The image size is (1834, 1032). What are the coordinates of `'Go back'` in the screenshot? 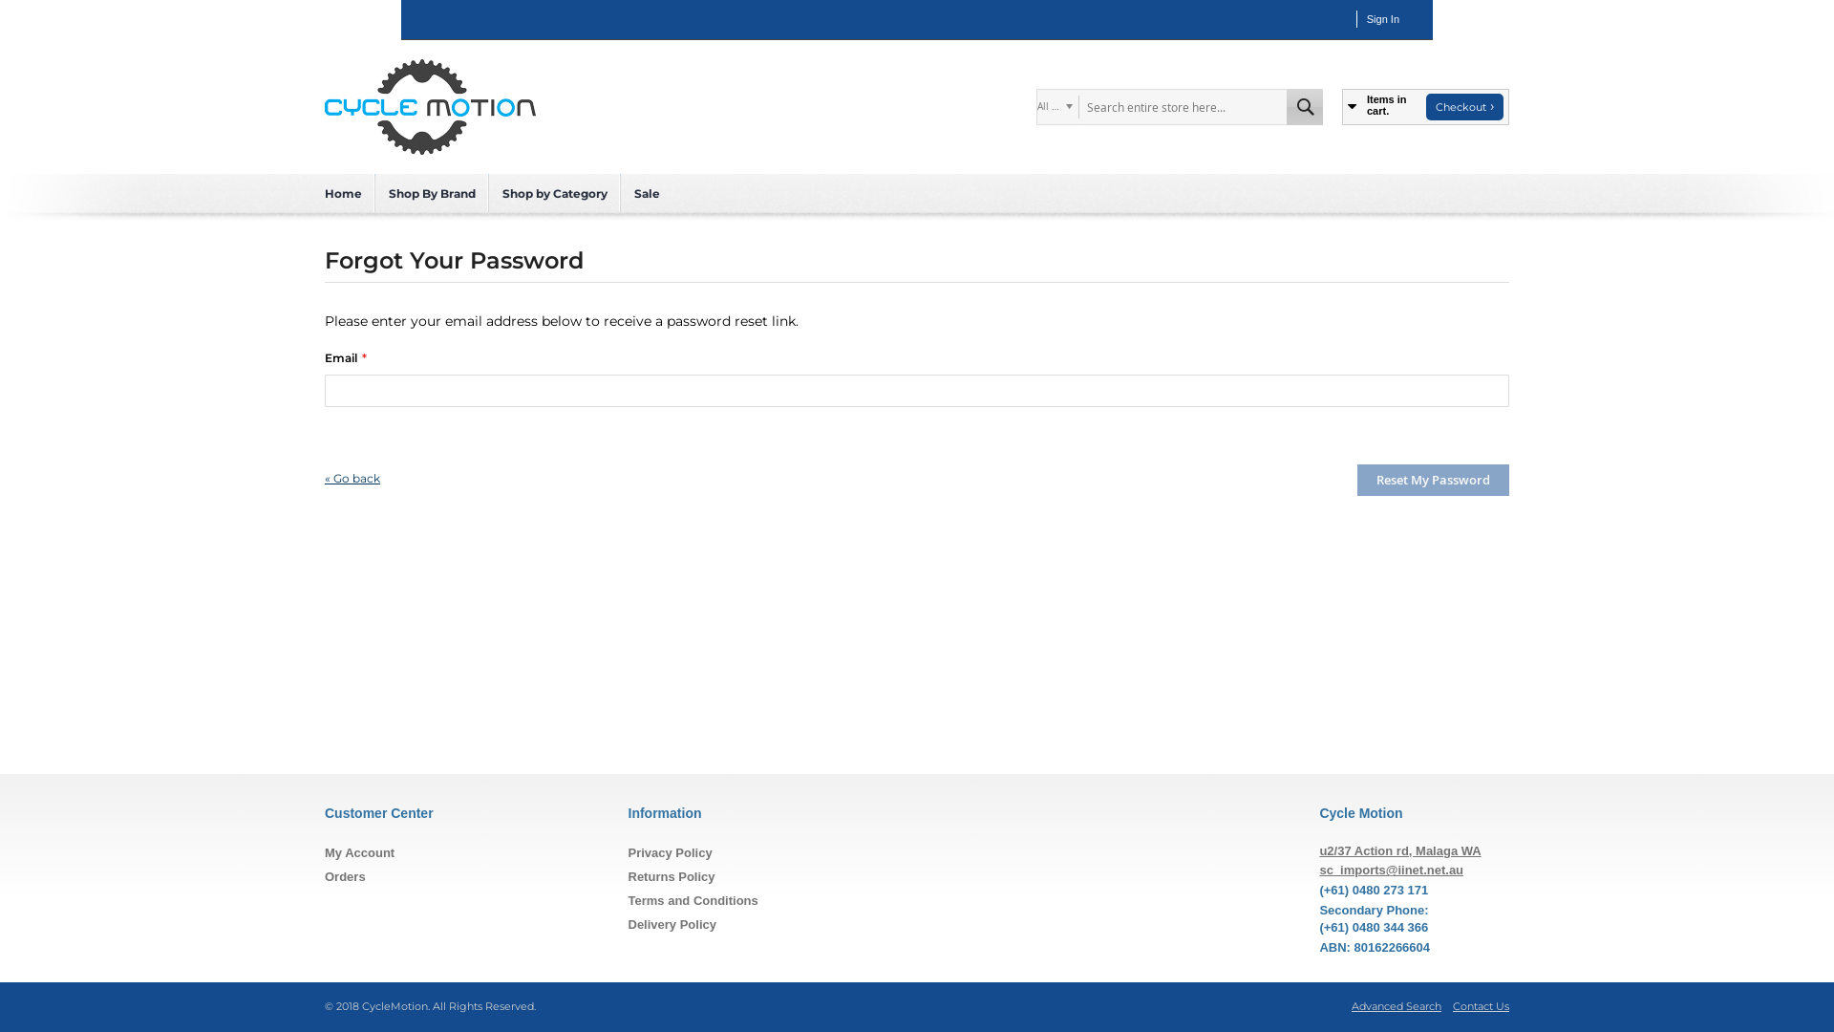 It's located at (352, 477).